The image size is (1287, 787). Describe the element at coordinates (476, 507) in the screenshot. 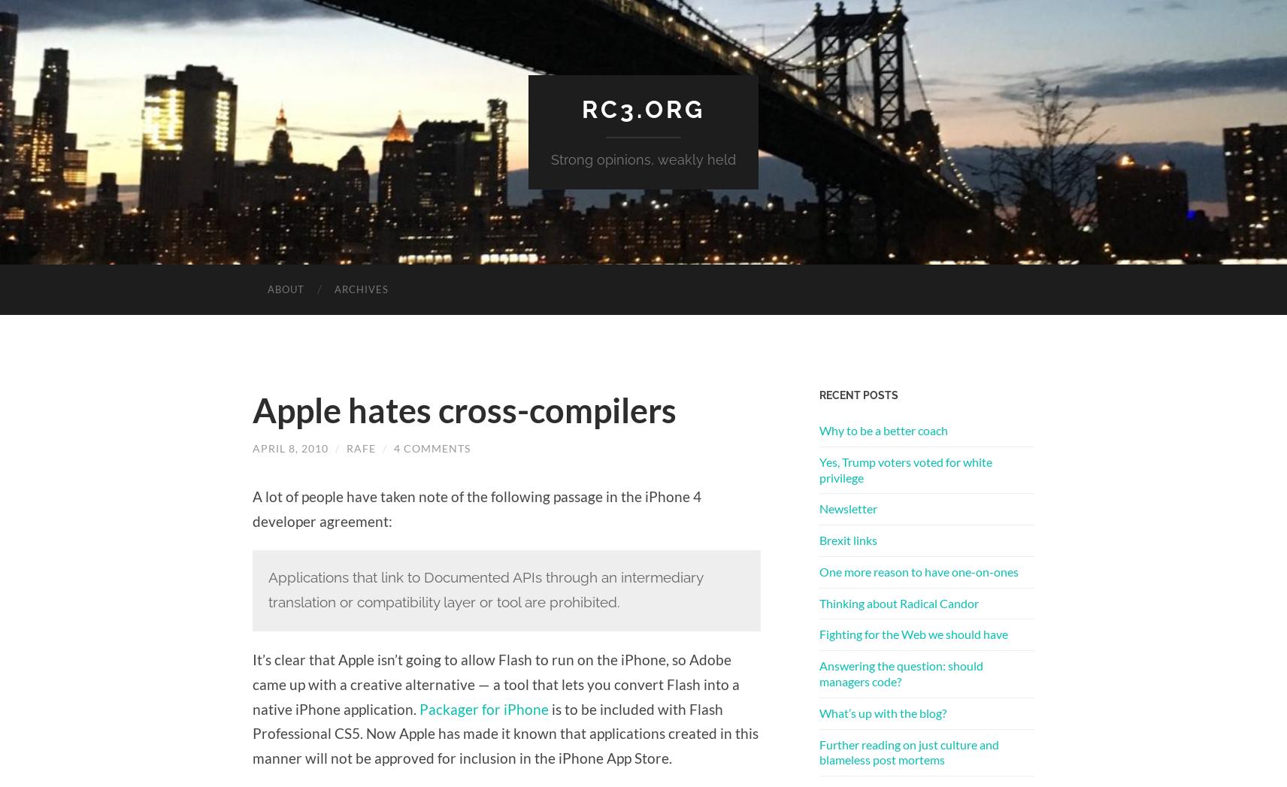

I see `'A lot of people have taken note of the following passage in the iPhone 4 developer agreement:'` at that location.